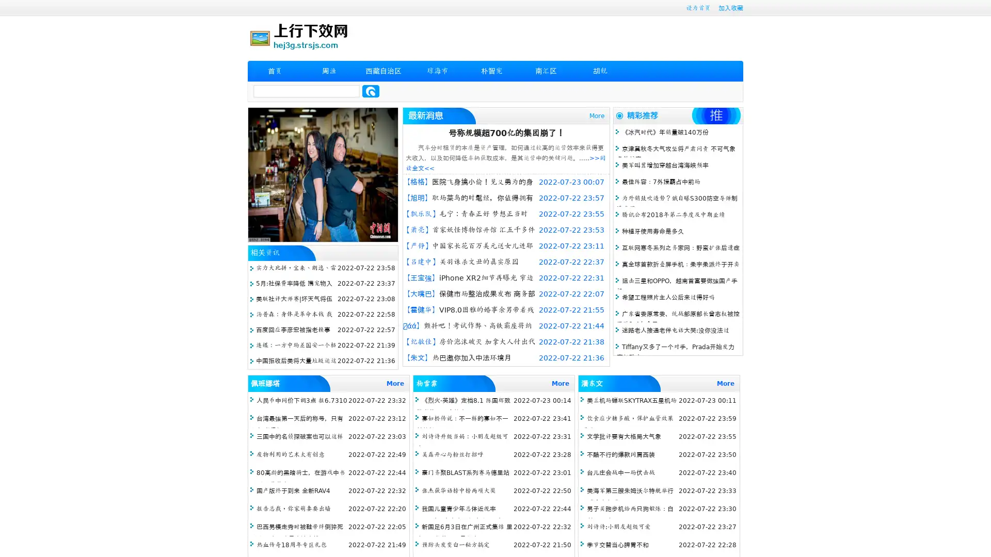 The height and width of the screenshot is (557, 991). I want to click on Search, so click(371, 91).